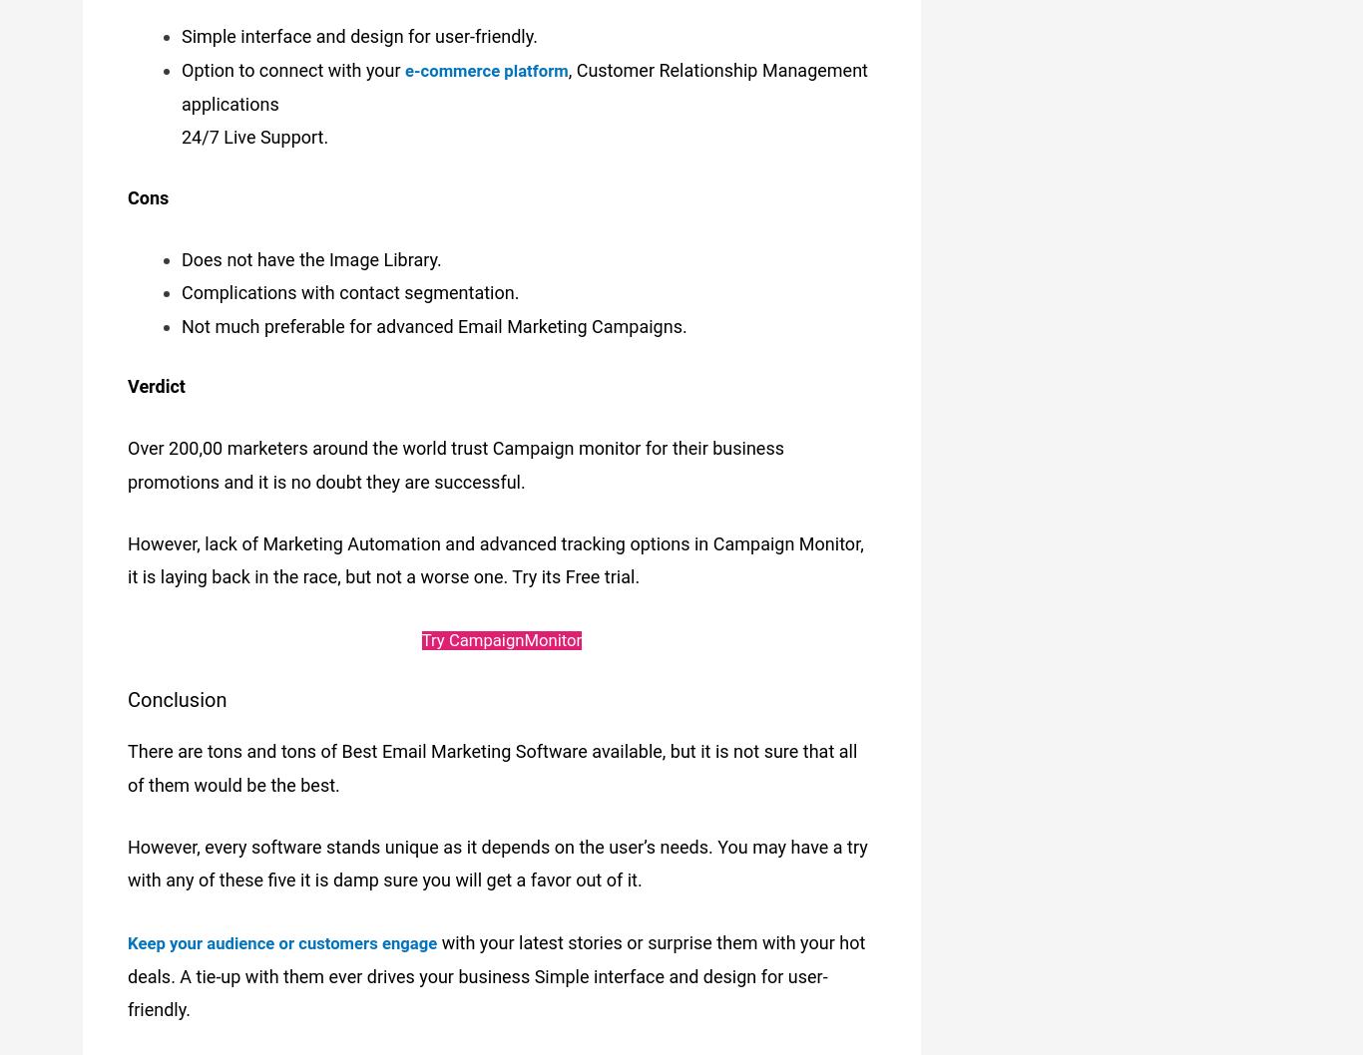 Image resolution: width=1363 pixels, height=1055 pixels. I want to click on 'However, lack of Marketing Automation and advanced tracking options in Campaign Monitor, it is laying back in the race, but not a worse one. Try its Free trial.', so click(495, 547).